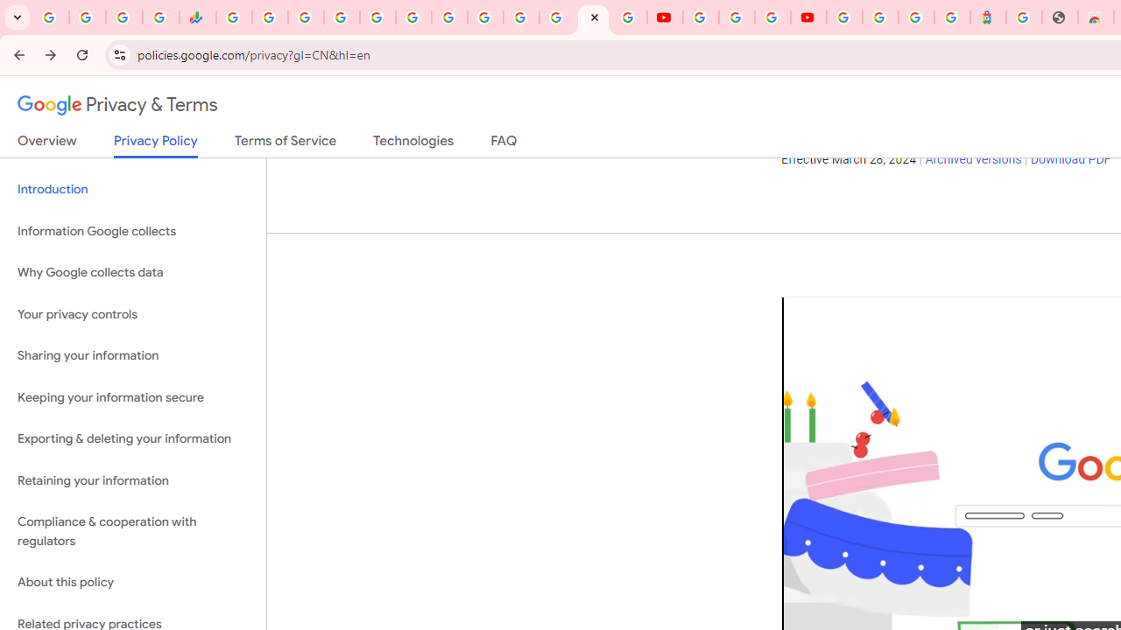 The image size is (1121, 630). Describe the element at coordinates (972, 160) in the screenshot. I see `'Archived versions'` at that location.